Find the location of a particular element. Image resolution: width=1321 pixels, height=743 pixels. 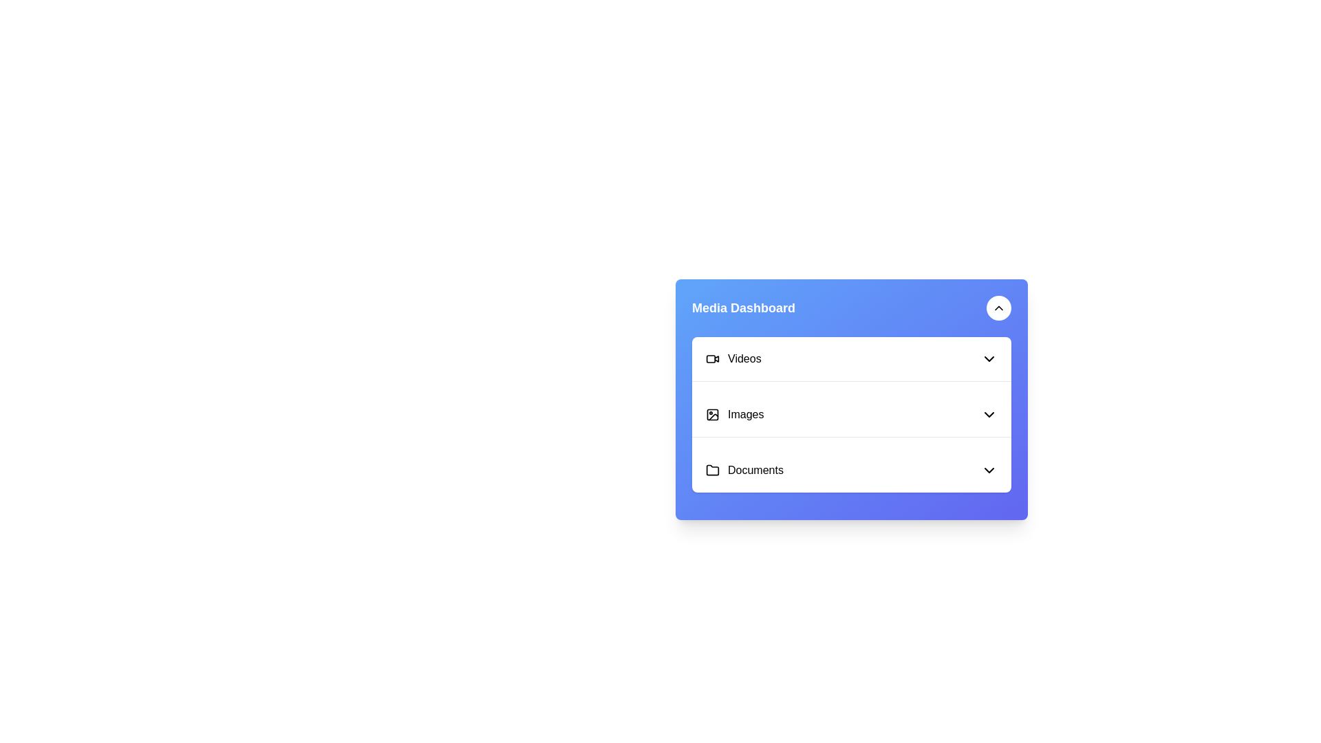

the small folder icon located next to the 'Documents' label in the third row of the card-style layout is located at coordinates (713, 469).